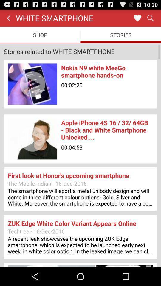 This screenshot has height=286, width=161. Describe the element at coordinates (150, 18) in the screenshot. I see `seach` at that location.